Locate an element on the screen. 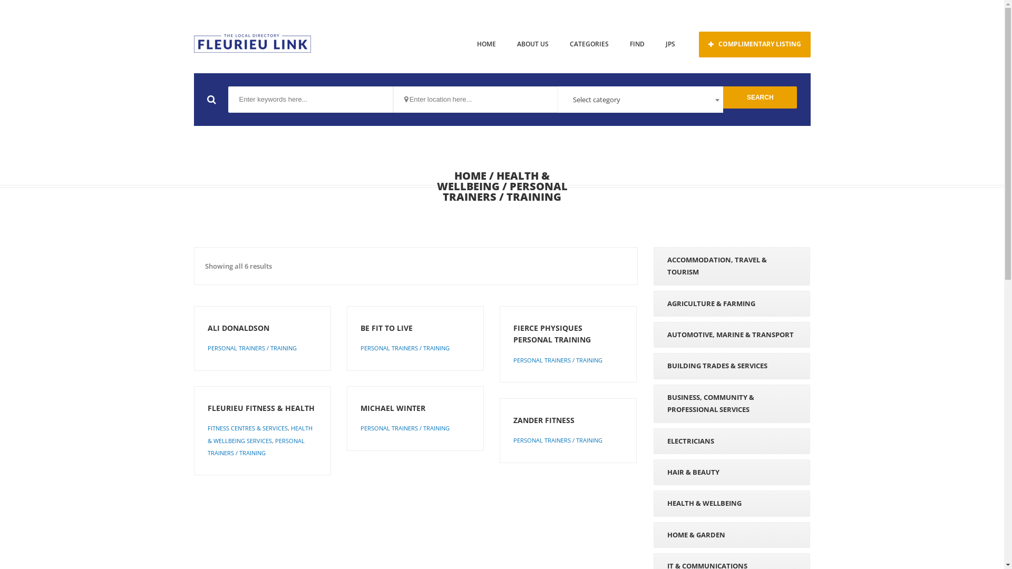 The image size is (1012, 569). 'BE FIT TO LIVE' is located at coordinates (361, 328).